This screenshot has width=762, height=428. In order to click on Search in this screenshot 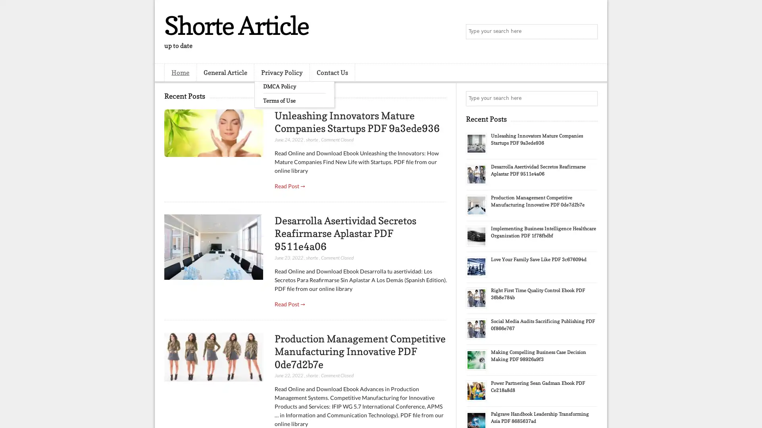, I will do `click(589, 32)`.